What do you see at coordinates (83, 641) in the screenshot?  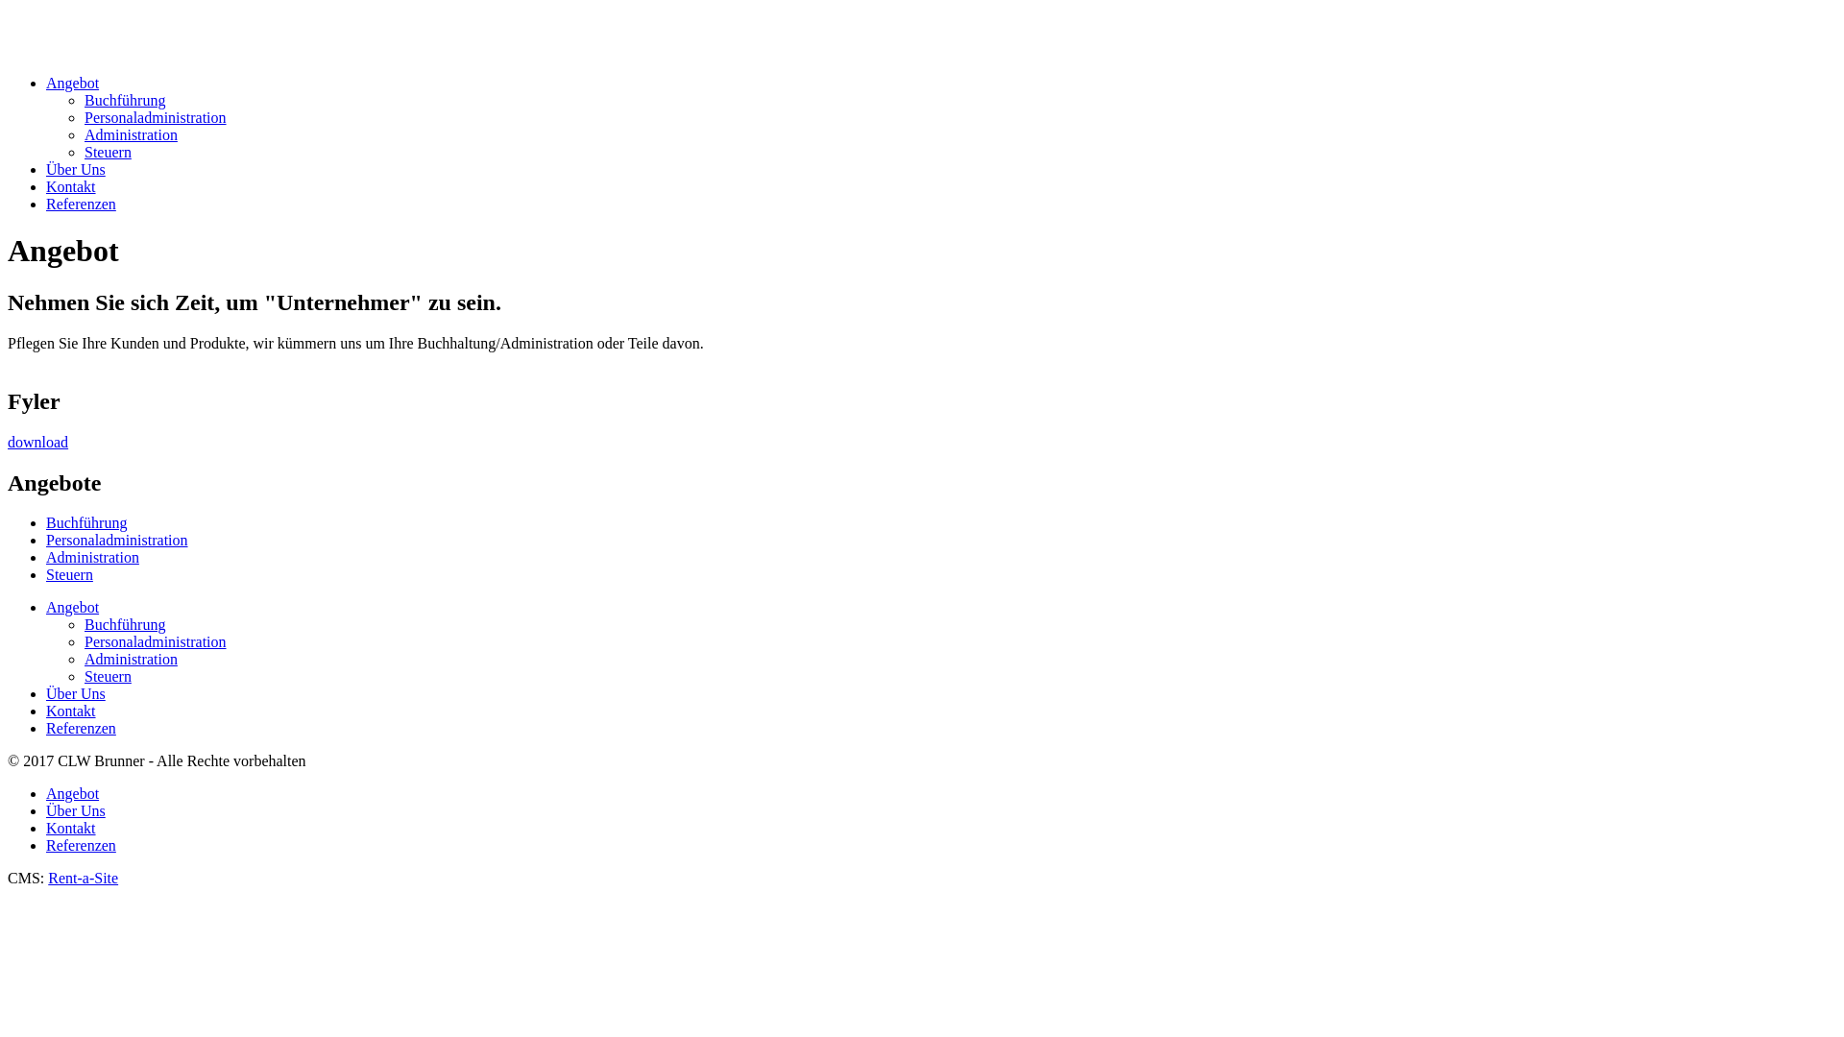 I see `'Personaladministration'` at bounding box center [83, 641].